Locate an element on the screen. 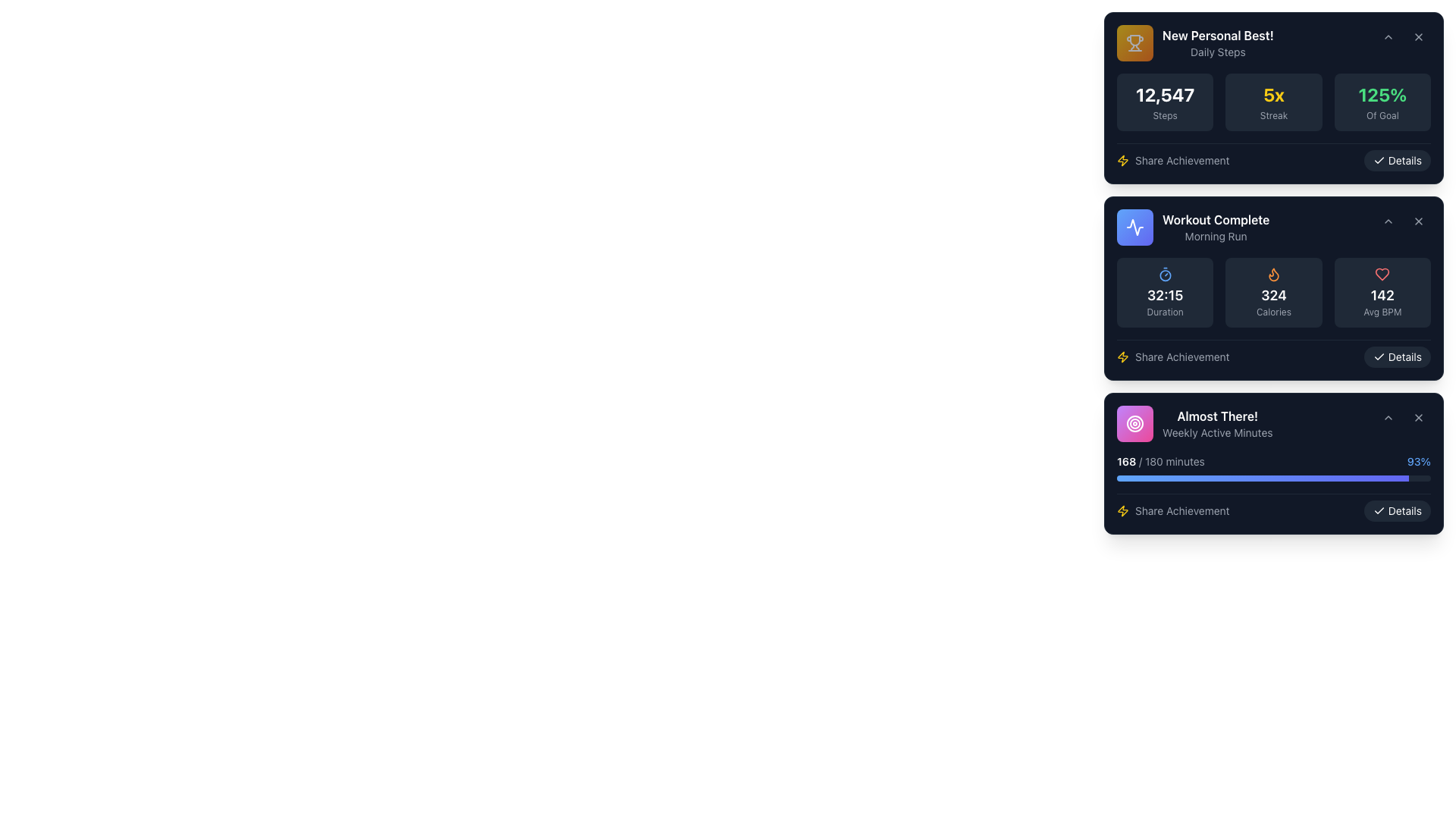 The width and height of the screenshot is (1456, 819). the text label that says 'Share Achievement', which is styled in small gray font against a dark background, located in the bottom section of the 'Almost There!' card next to a lightning bolt icon is located at coordinates (1181, 511).